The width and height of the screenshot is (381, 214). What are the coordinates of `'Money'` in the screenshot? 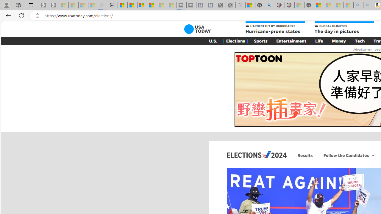 It's located at (339, 40).